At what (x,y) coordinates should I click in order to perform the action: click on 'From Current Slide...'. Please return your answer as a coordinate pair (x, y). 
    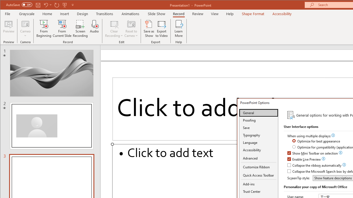
    Looking at the image, I should click on (62, 29).